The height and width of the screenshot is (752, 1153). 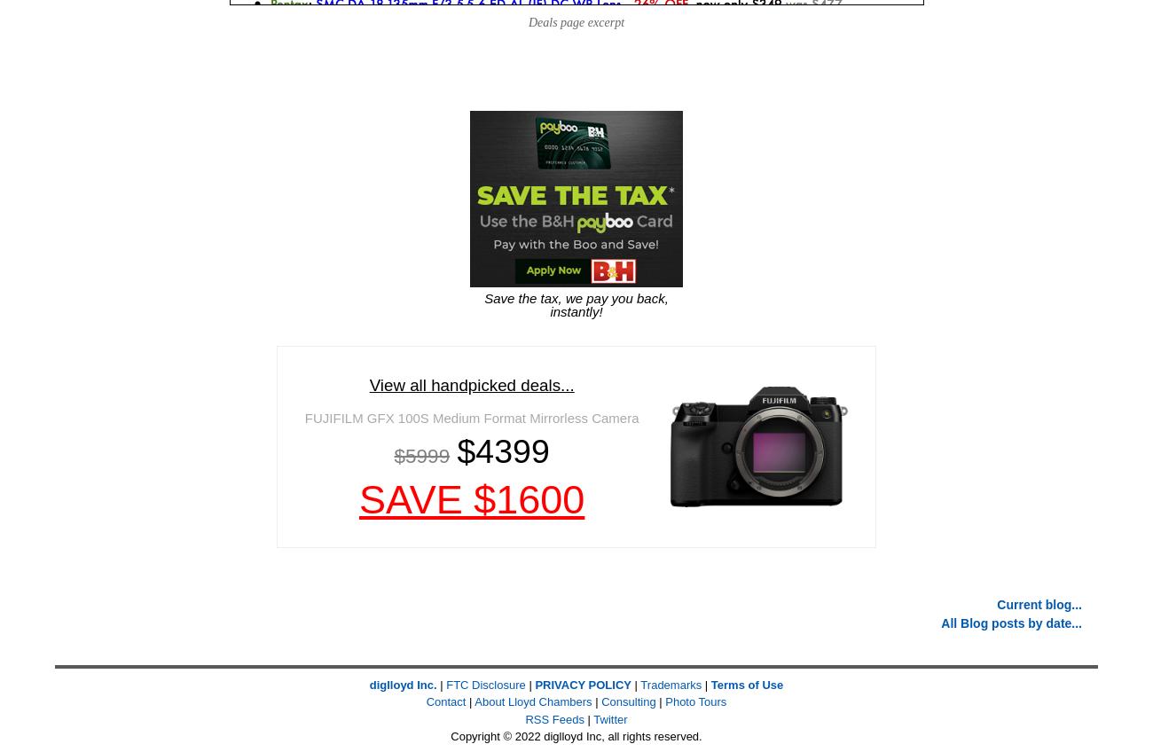 I want to click on 'Trademarks', so click(x=671, y=683).